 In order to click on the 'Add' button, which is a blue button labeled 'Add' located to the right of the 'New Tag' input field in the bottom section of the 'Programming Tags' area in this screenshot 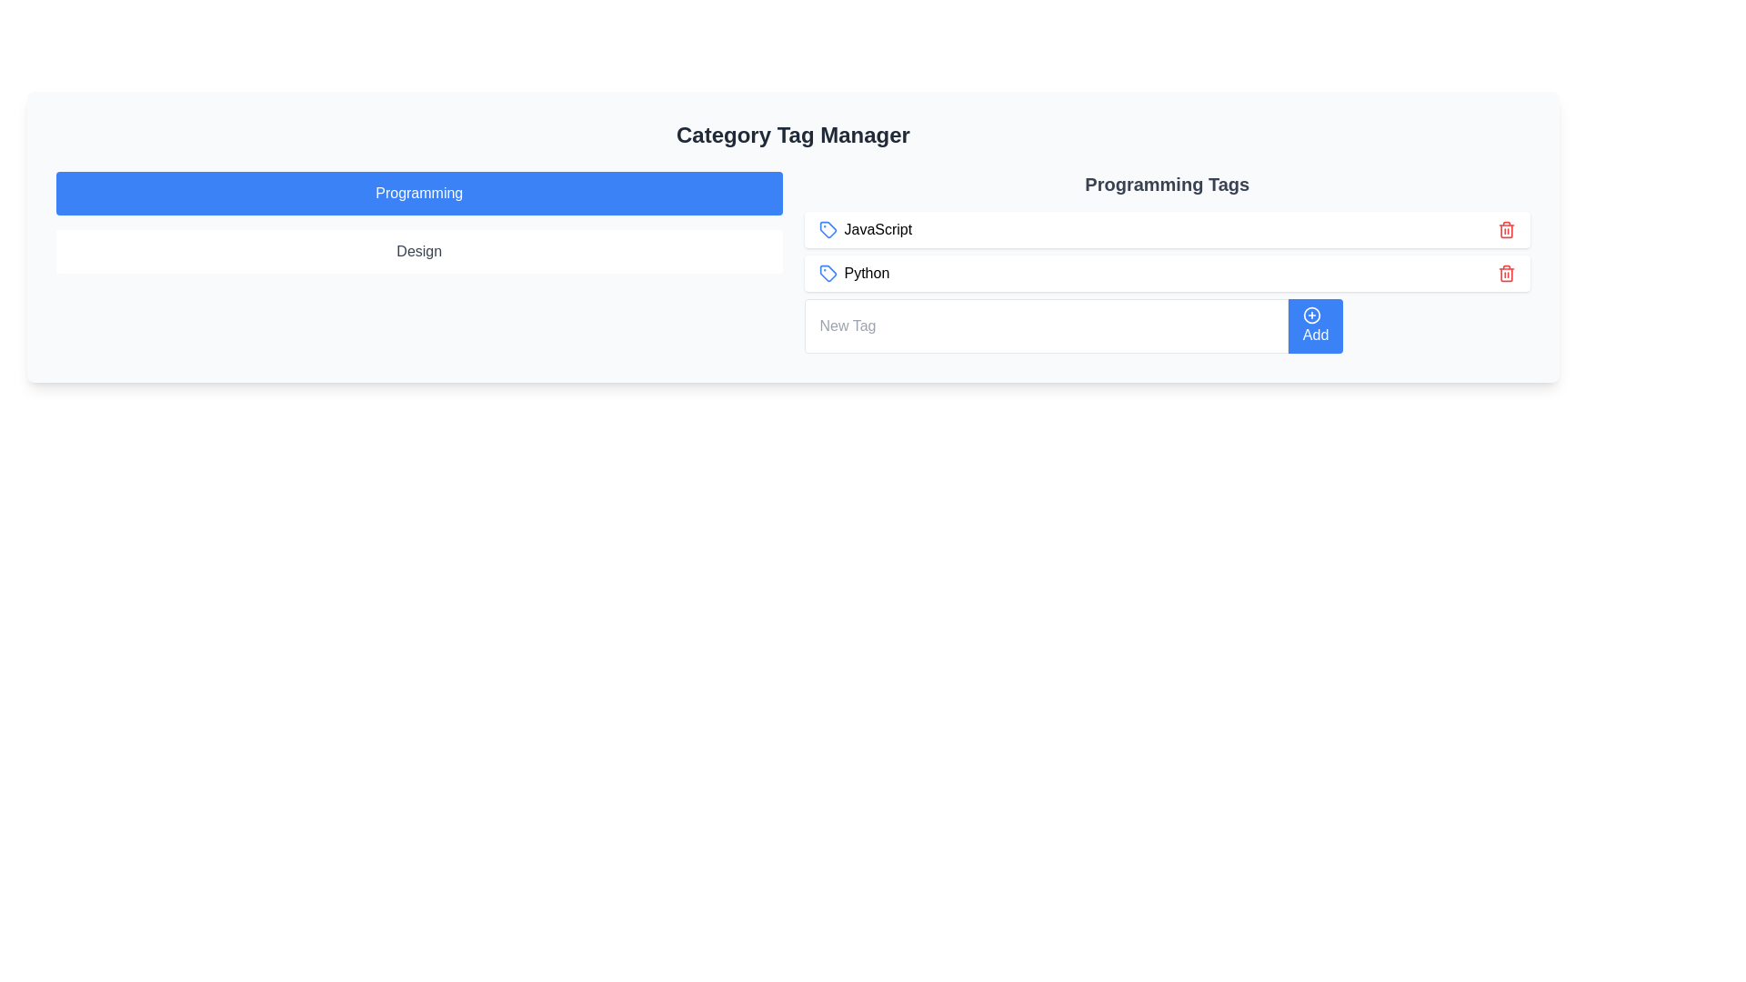, I will do `click(1167, 325)`.